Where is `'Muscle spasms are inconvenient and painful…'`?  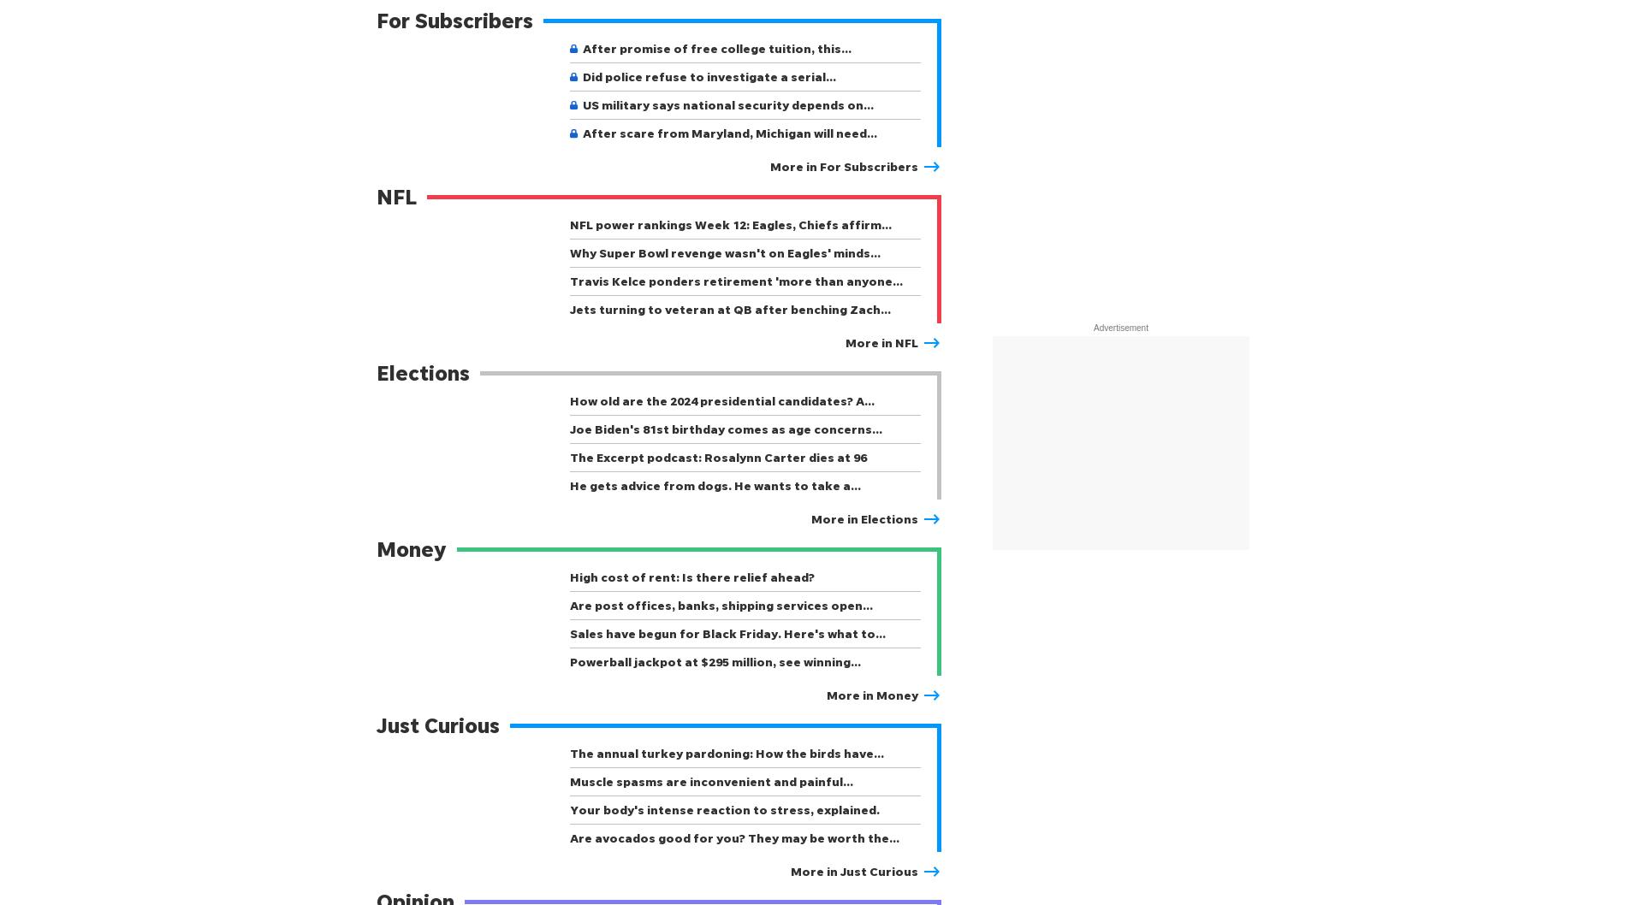
'Muscle spasms are inconvenient and painful…' is located at coordinates (710, 781).